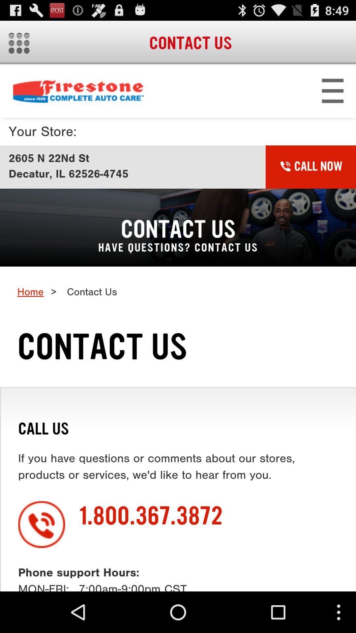 The height and width of the screenshot is (633, 356). What do you see at coordinates (178, 328) in the screenshot?
I see `reach us via` at bounding box center [178, 328].